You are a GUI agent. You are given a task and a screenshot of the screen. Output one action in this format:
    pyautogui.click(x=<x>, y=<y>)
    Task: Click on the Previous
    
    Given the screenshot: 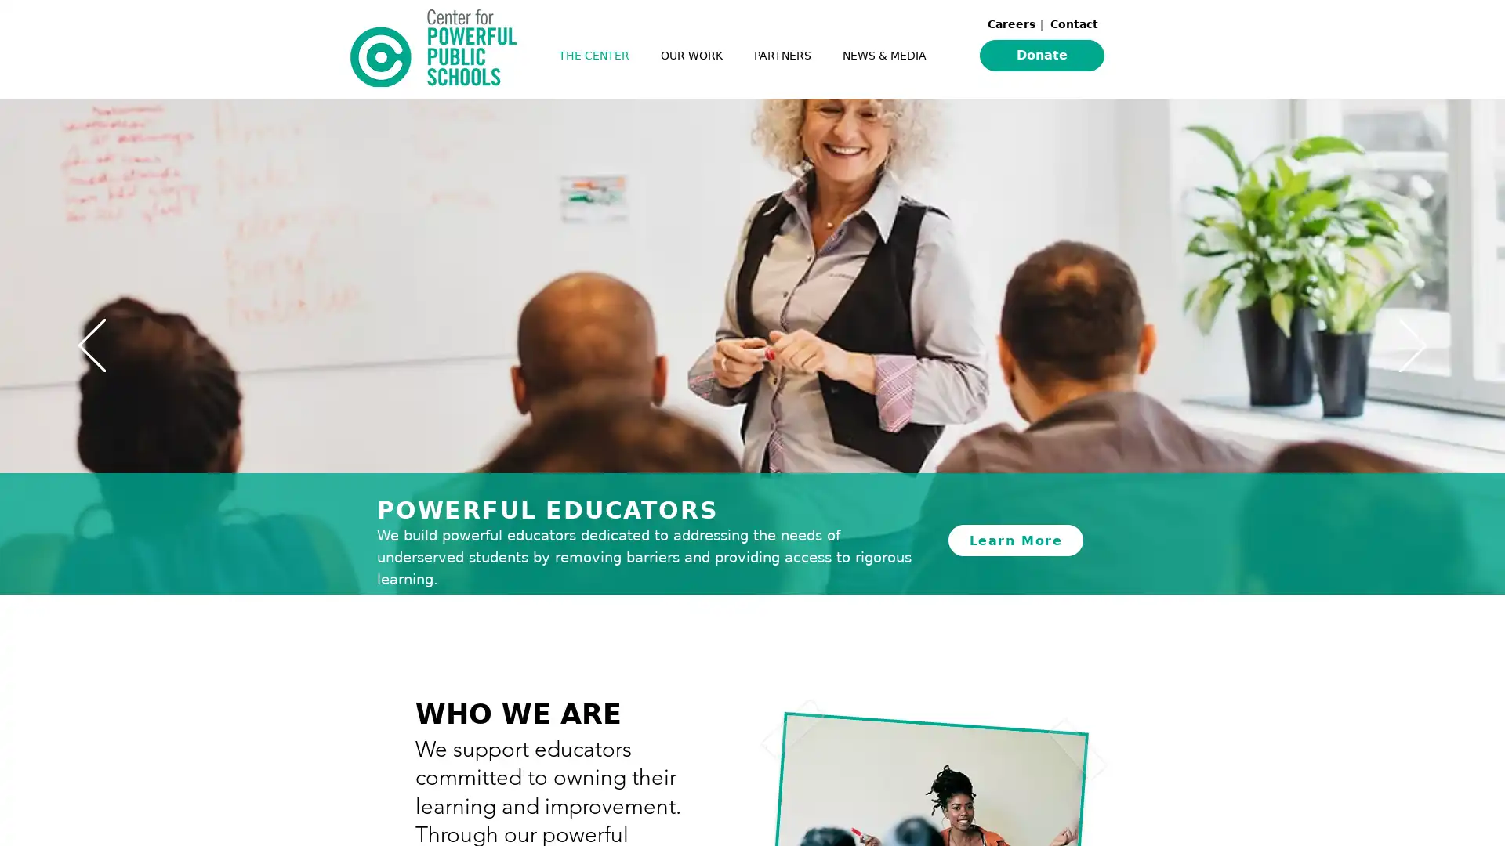 What is the action you would take?
    pyautogui.click(x=91, y=345)
    